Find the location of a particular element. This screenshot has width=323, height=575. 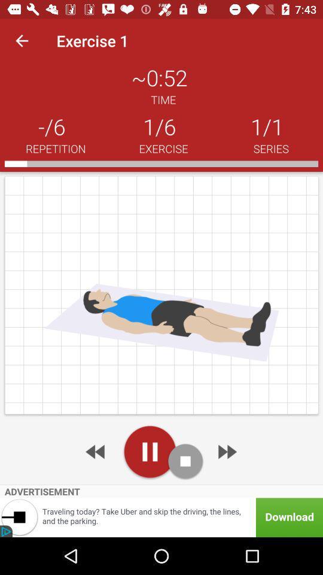

go next is located at coordinates (226, 451).